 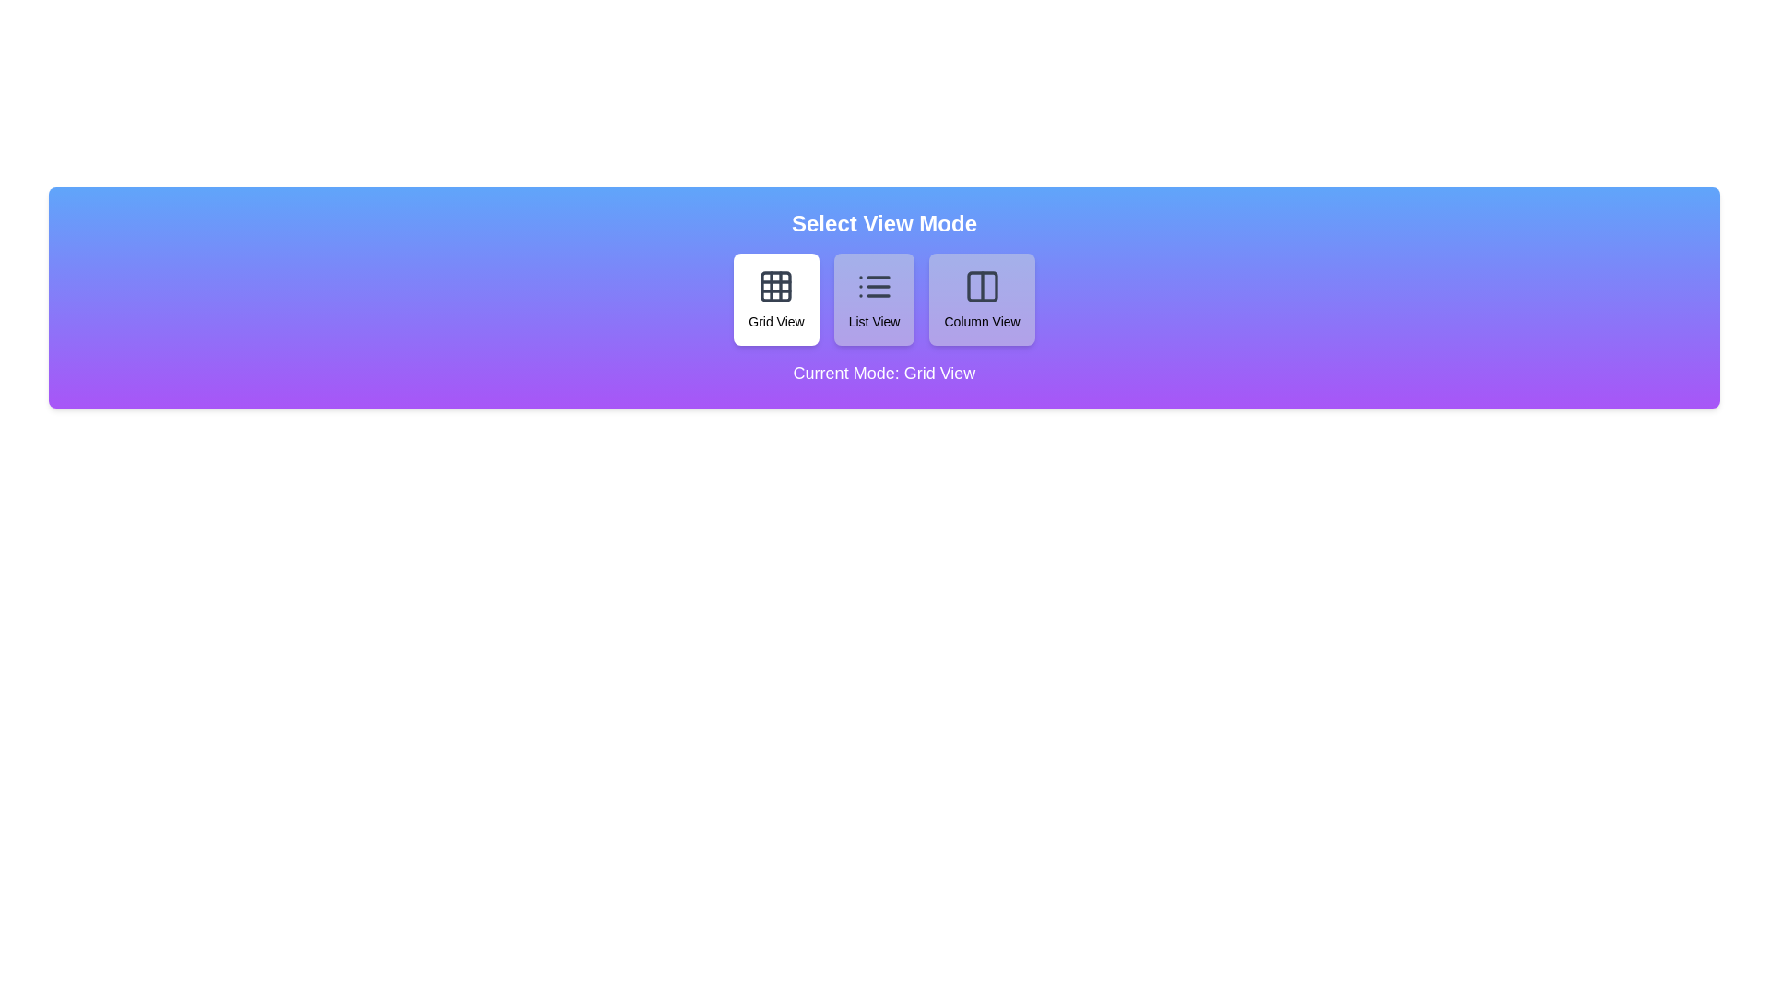 What do you see at coordinates (981, 298) in the screenshot?
I see `the button corresponding to Column View to trigger the hover animation` at bounding box center [981, 298].